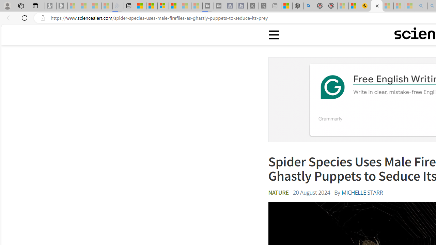  Describe the element at coordinates (274, 35) in the screenshot. I see `'Class: sciencealert-menu-desktop-svg '` at that location.